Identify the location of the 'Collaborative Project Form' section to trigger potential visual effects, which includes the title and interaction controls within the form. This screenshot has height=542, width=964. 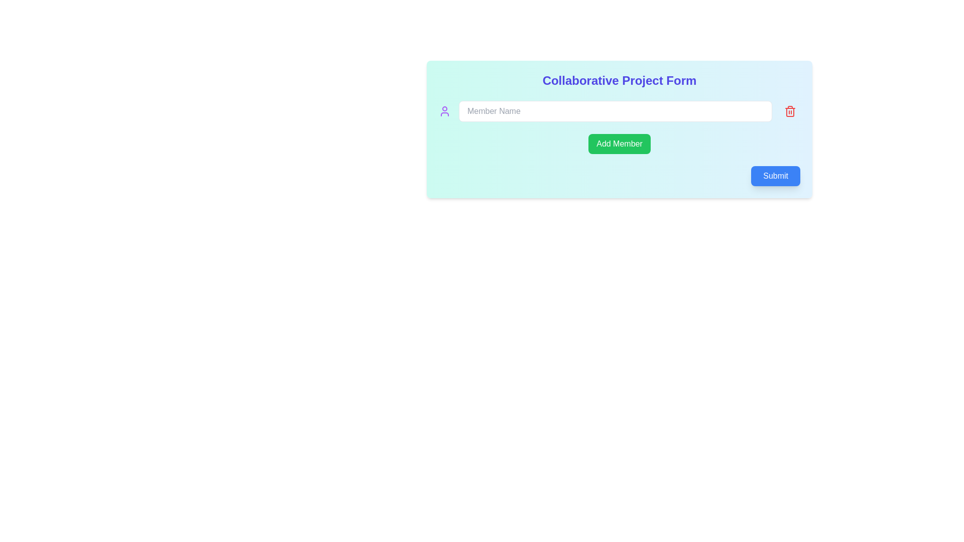
(619, 129).